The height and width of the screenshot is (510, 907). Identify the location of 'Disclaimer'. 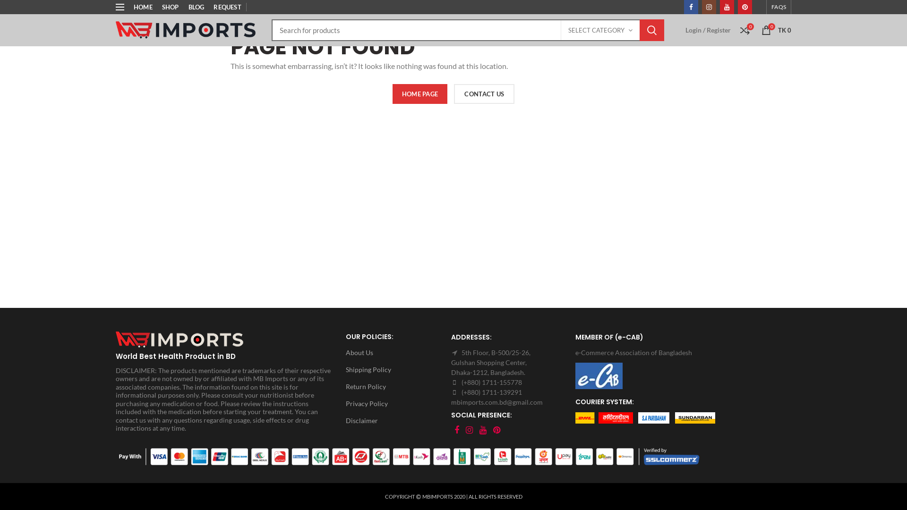
(396, 420).